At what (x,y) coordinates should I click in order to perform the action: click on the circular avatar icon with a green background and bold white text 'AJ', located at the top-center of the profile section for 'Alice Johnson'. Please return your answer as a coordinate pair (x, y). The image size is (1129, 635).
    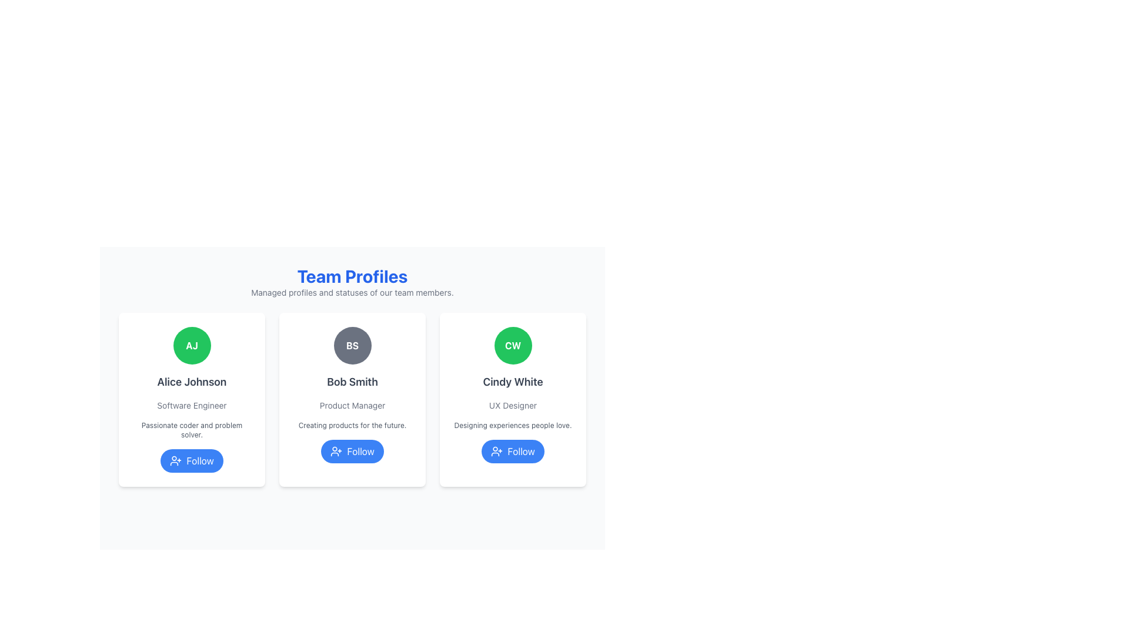
    Looking at the image, I should click on (192, 345).